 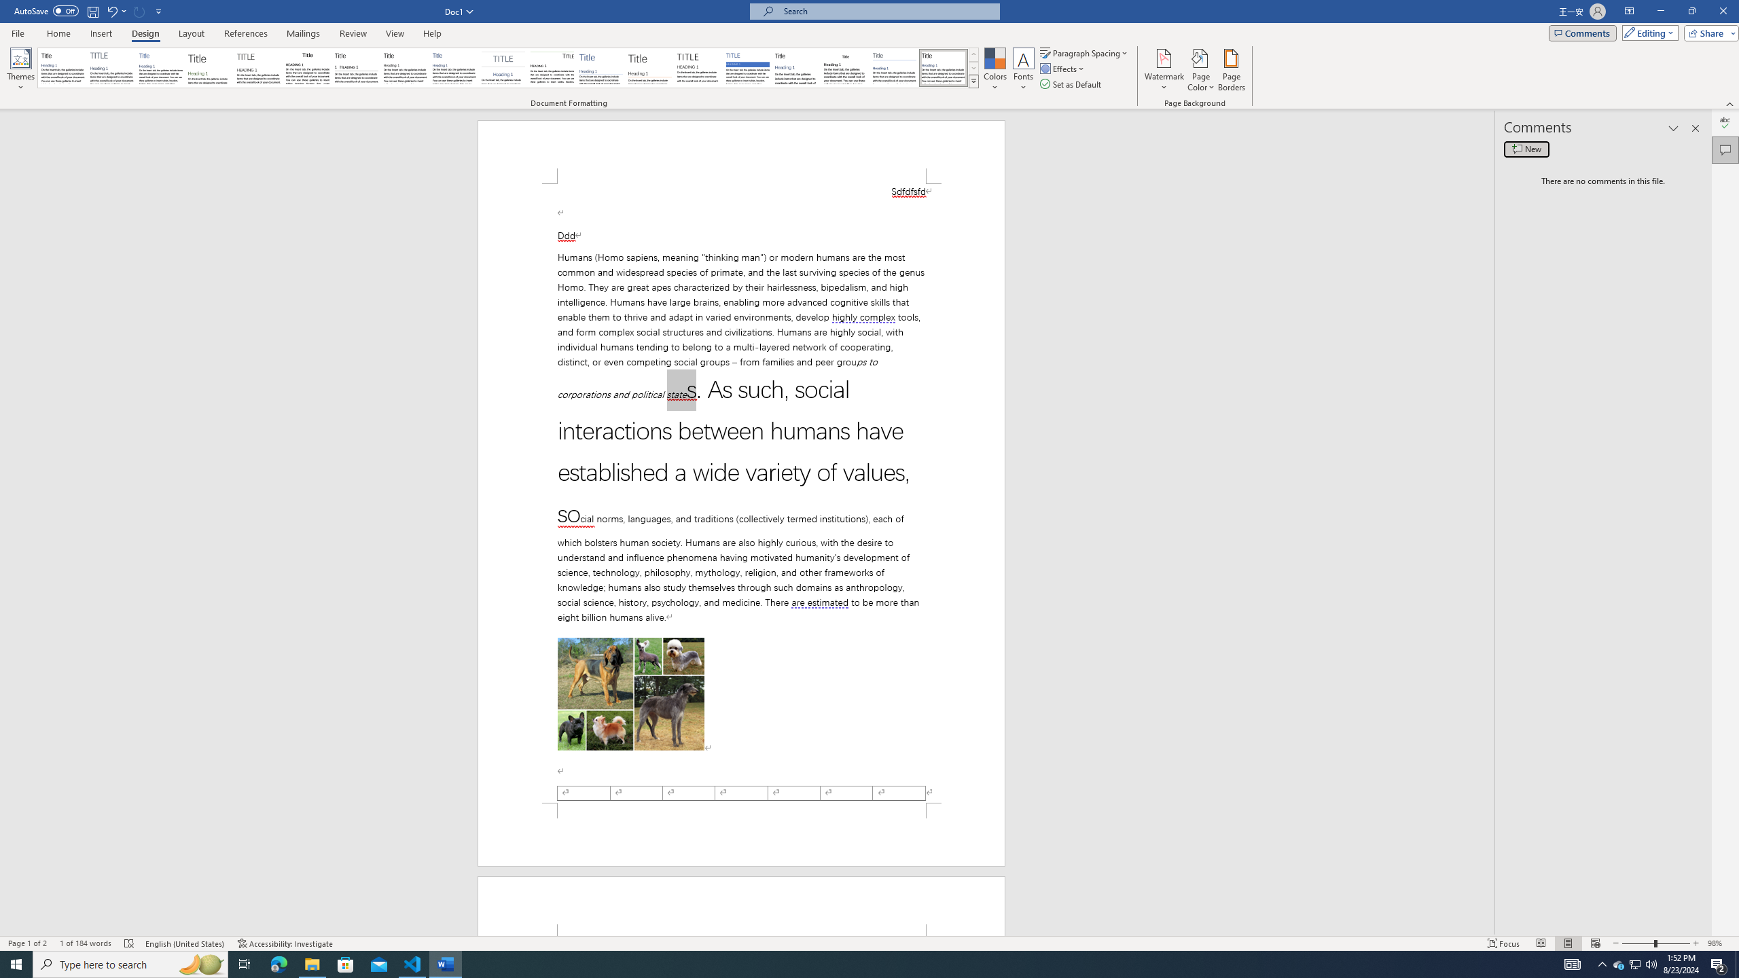 What do you see at coordinates (454, 67) in the screenshot?
I see `'Casual'` at bounding box center [454, 67].